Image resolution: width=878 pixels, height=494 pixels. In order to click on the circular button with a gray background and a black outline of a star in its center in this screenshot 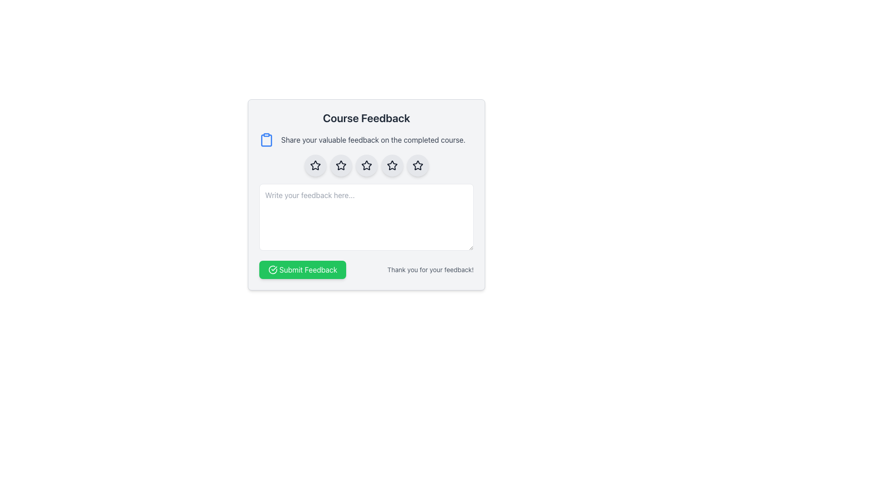, I will do `click(366, 166)`.